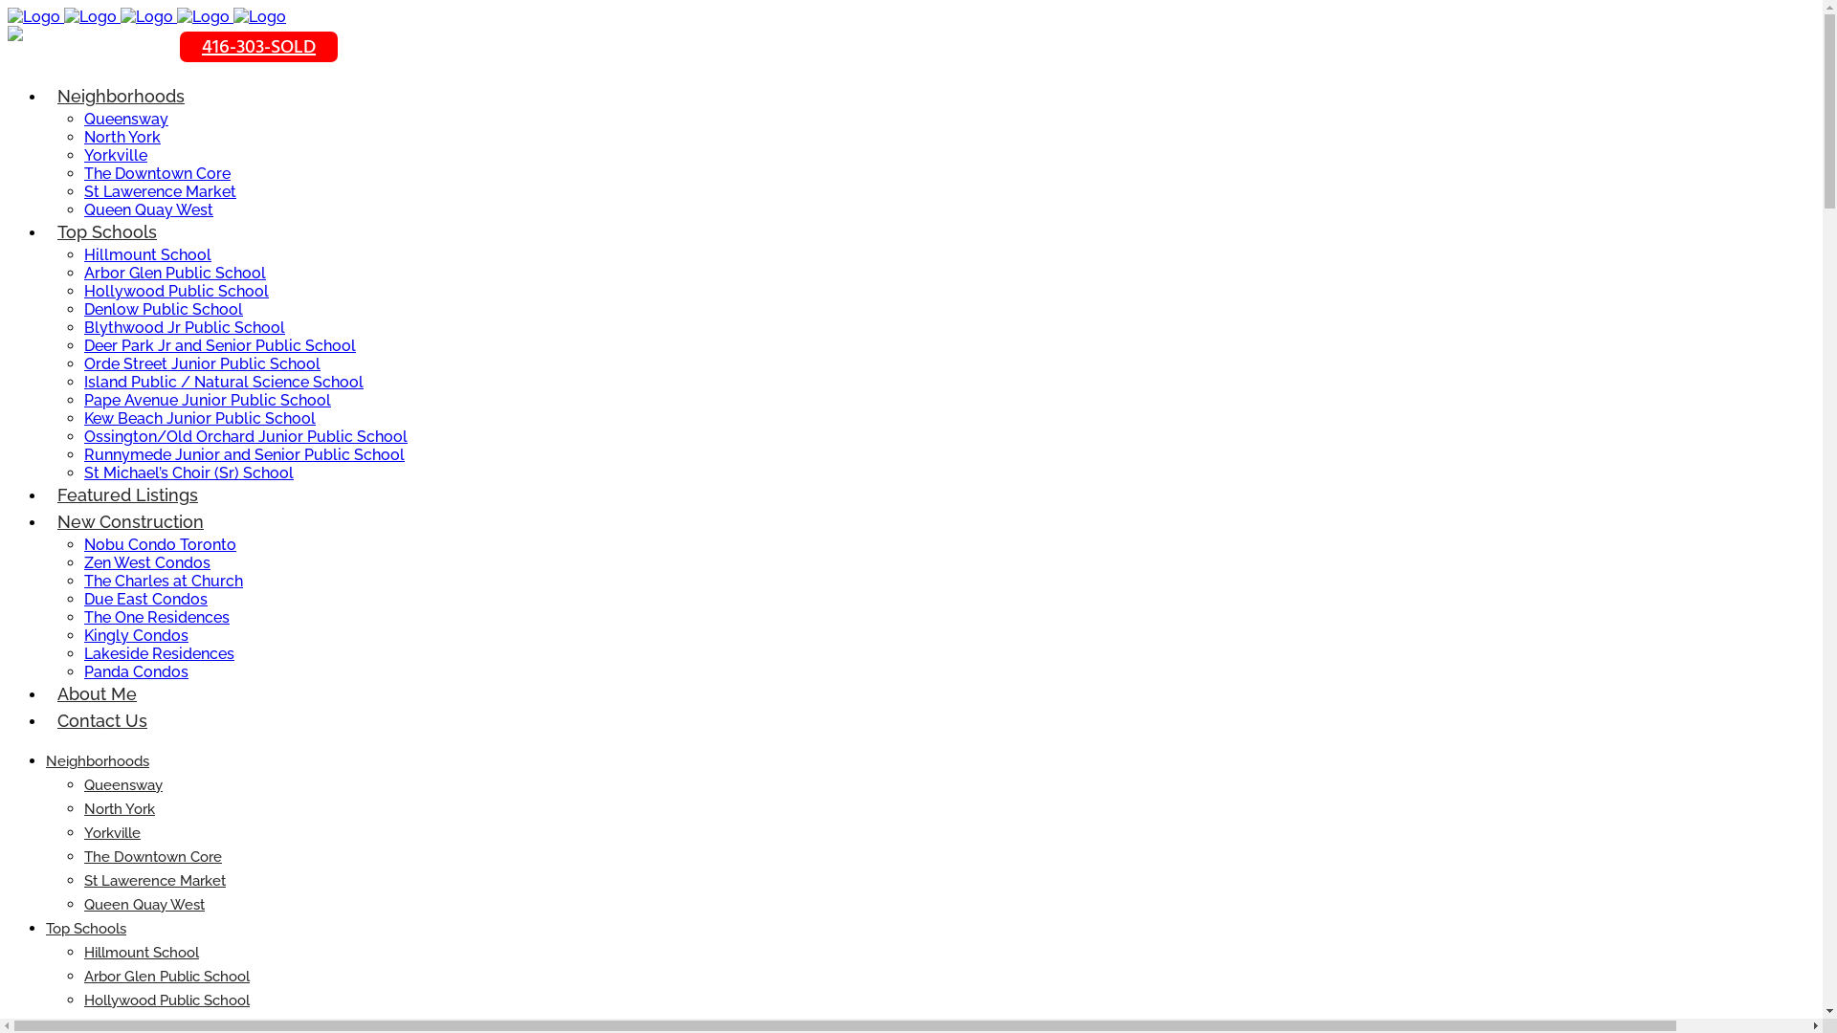 The height and width of the screenshot is (1033, 1837). I want to click on 'The One Residences', so click(156, 617).